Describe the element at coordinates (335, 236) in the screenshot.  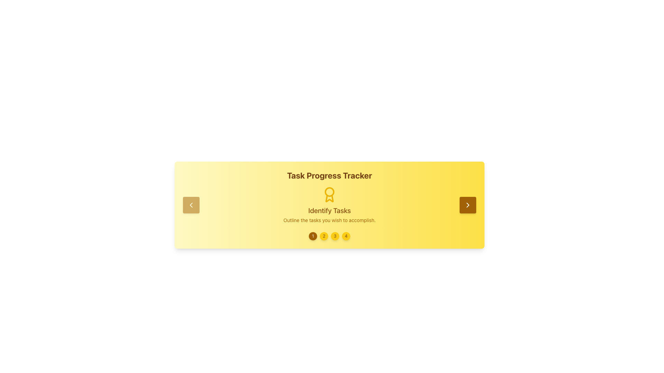
I see `the circular button with a yellow background and a dark yellow numeral '3' centered within, located in the 'Task Progress Tracker' module` at that location.